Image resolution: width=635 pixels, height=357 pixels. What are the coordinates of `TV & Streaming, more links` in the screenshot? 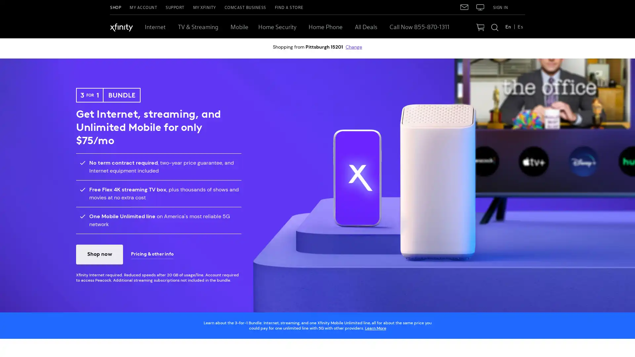 It's located at (223, 25).